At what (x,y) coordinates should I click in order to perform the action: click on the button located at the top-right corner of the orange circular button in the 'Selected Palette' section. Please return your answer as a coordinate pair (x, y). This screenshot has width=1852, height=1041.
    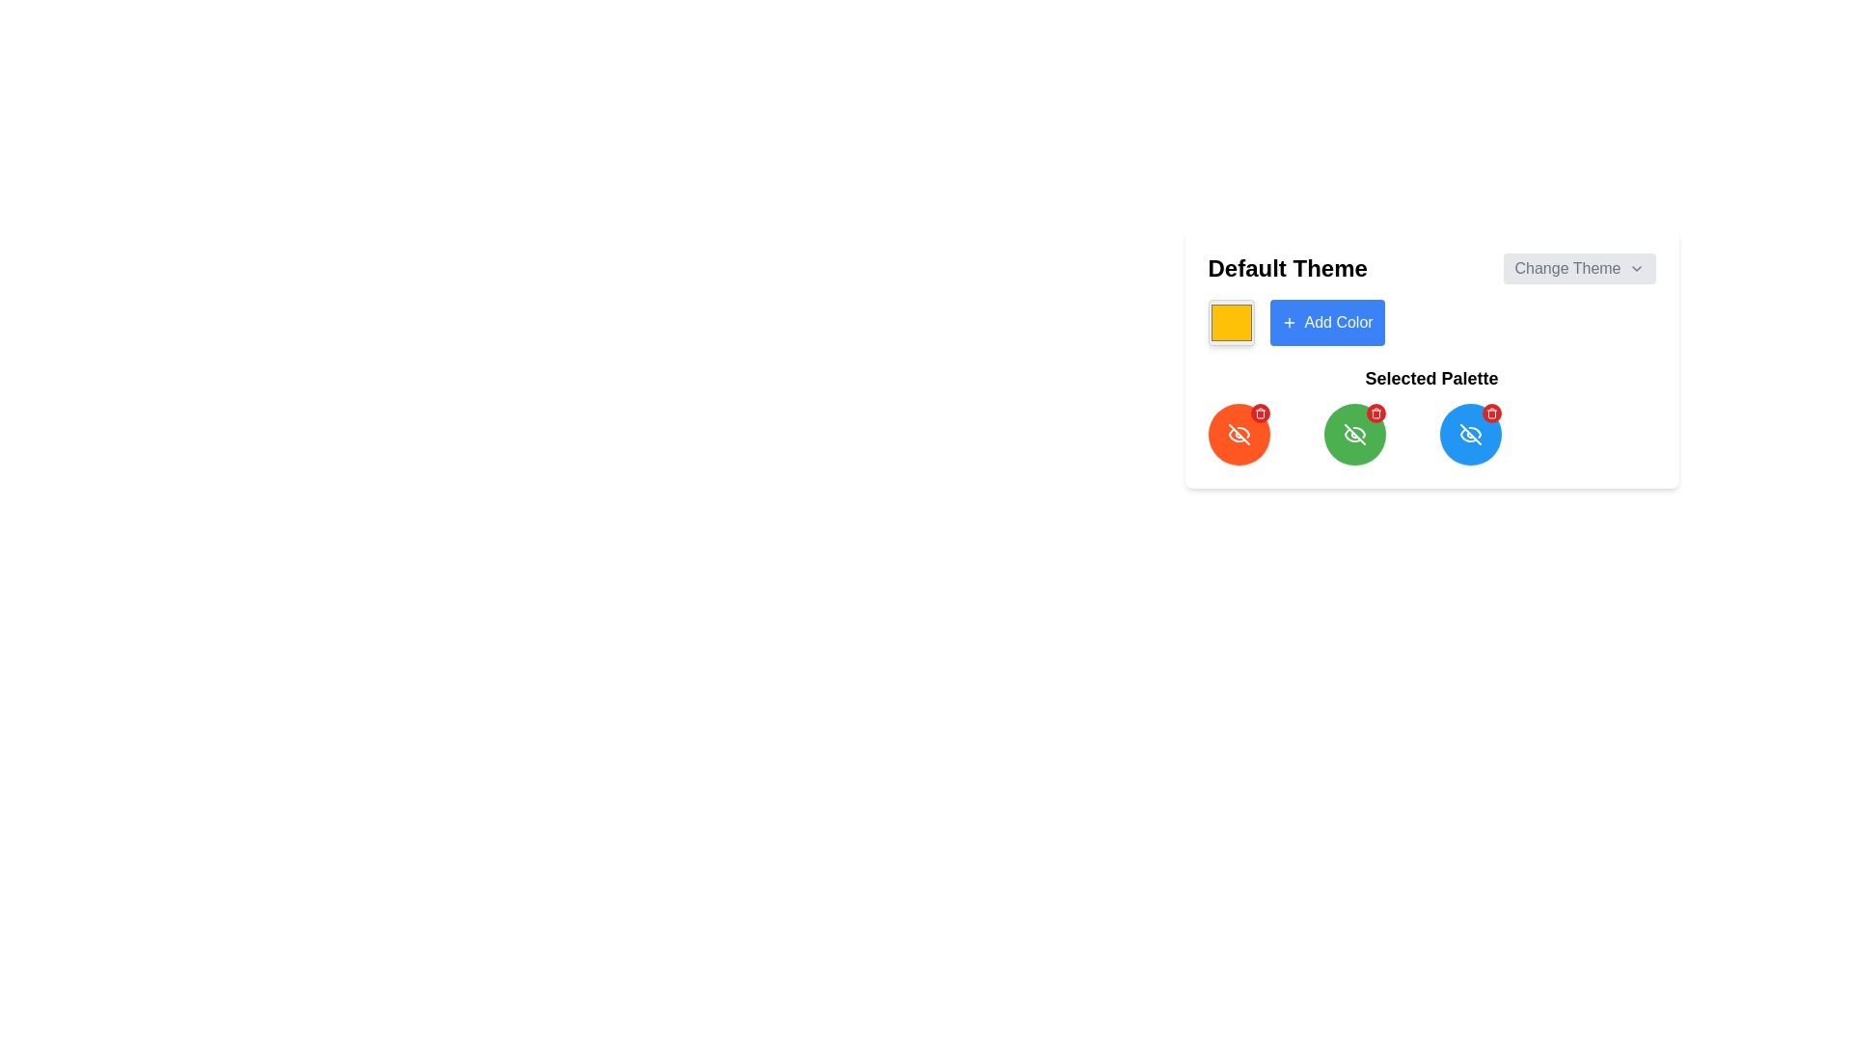
    Looking at the image, I should click on (1260, 412).